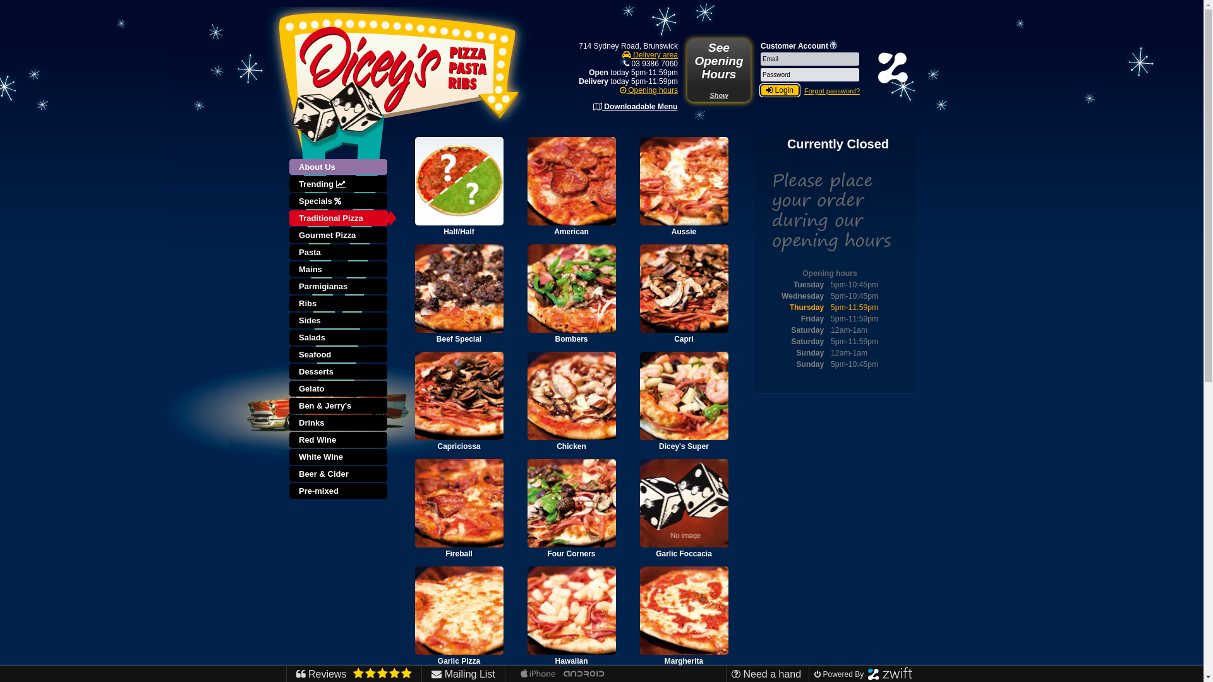 The image size is (1213, 682). I want to click on 'Opening hours', so click(649, 89).